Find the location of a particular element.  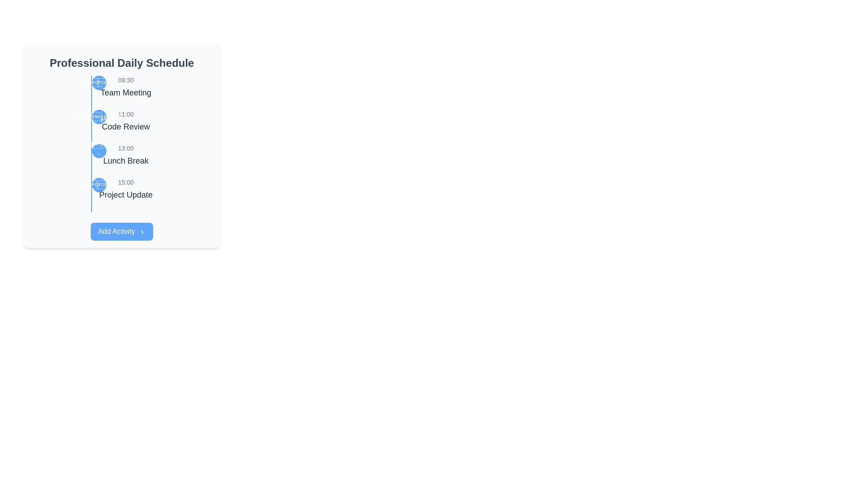

the 'Team Meeting' text label, which is styled with a larger font size and bold dark text, located in the daily schedule card below '09:30' and to the right of a circular calendar icon is located at coordinates (125, 93).